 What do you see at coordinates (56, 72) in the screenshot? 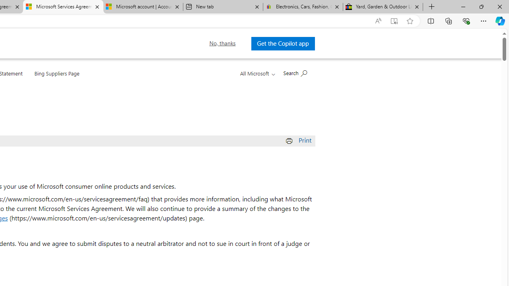
I see `'Bing Suppliers Page'` at bounding box center [56, 72].